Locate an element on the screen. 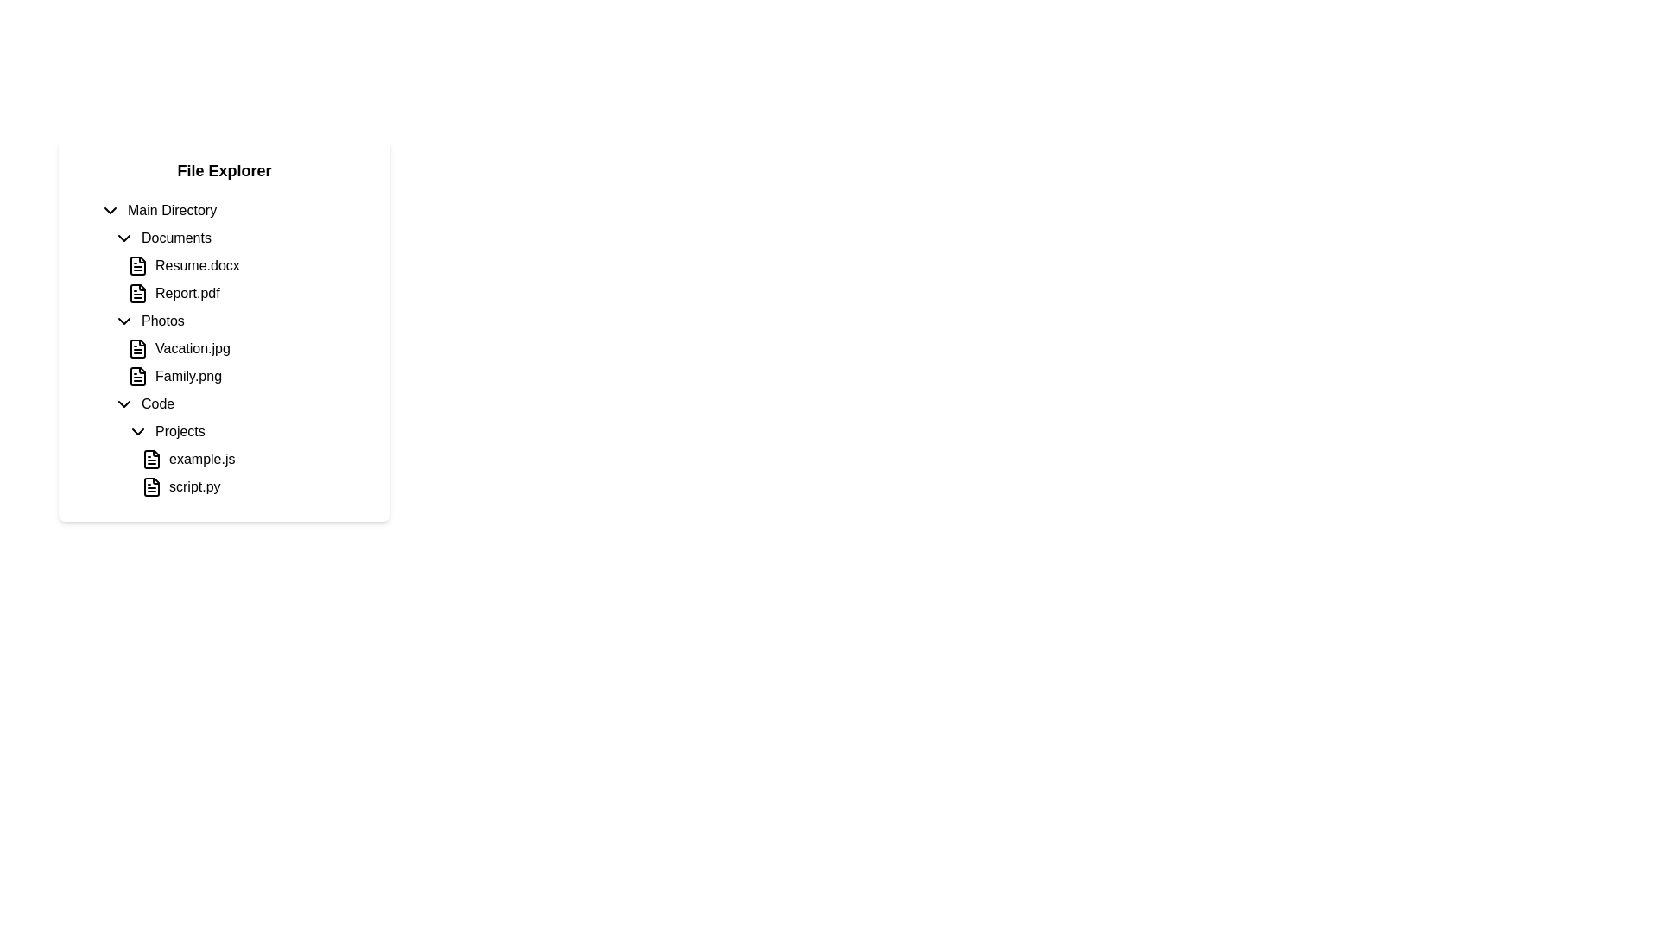 The image size is (1658, 933). the text label representing the file 'Report.pdf' is located at coordinates (187, 292).